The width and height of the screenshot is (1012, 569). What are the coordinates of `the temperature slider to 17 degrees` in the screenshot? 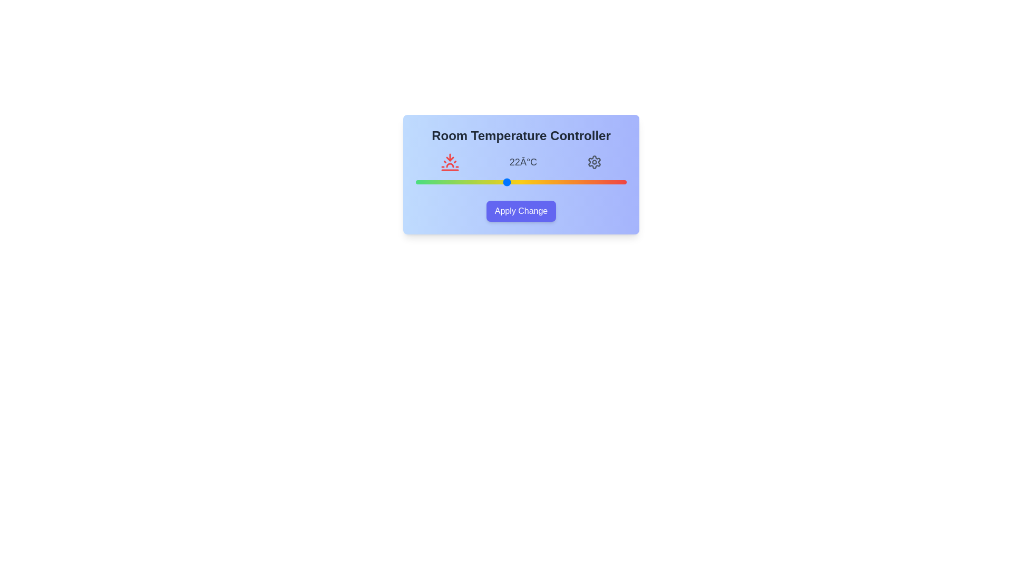 It's located at (431, 182).